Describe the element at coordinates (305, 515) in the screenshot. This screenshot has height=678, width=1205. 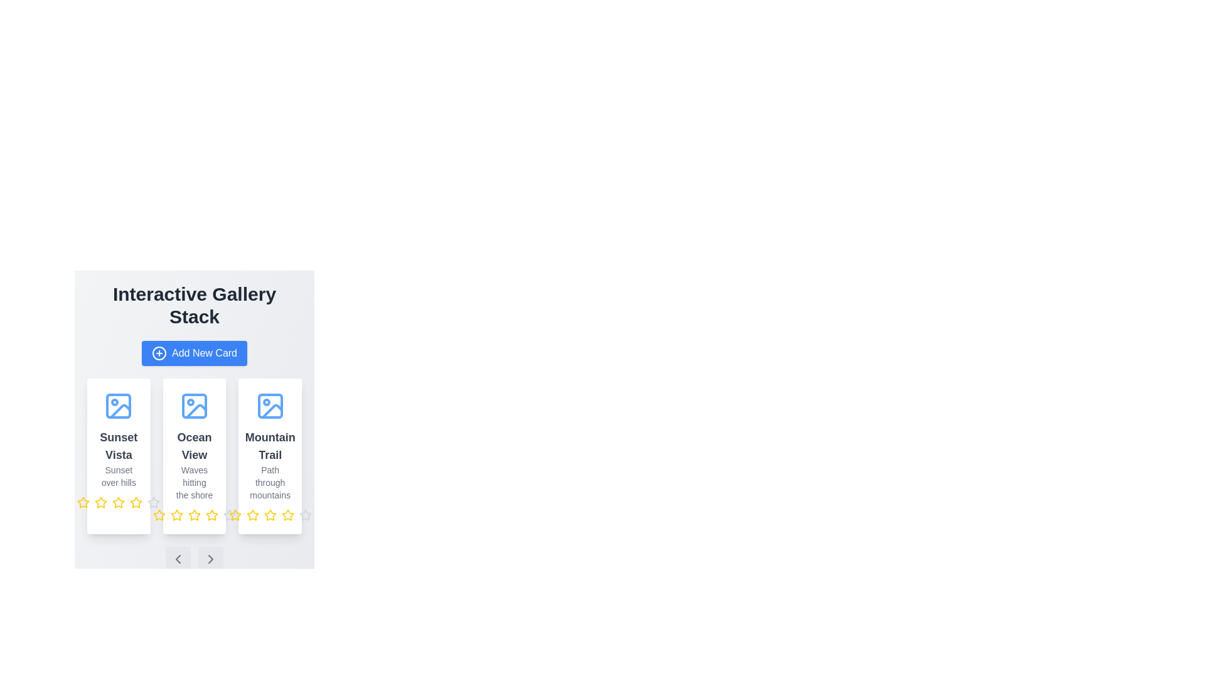
I see `the star icon representing the third rating unit` at that location.